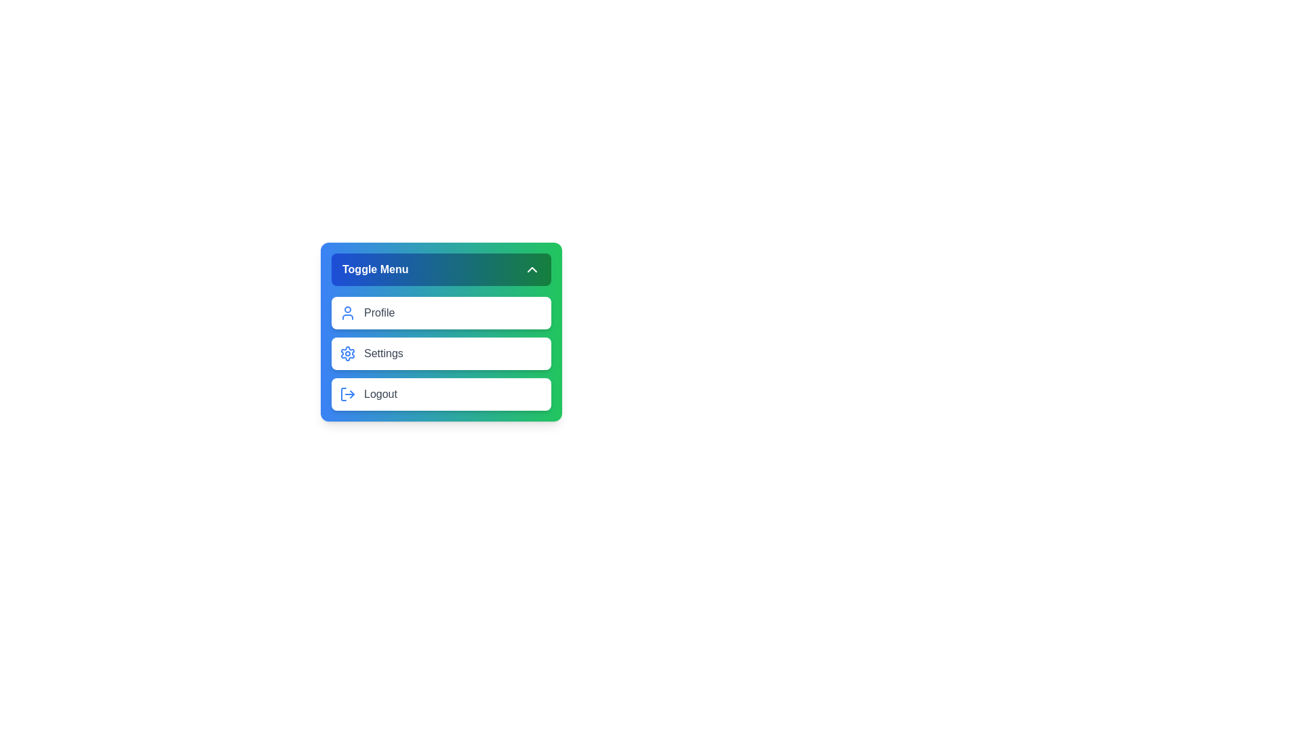 The image size is (1302, 732). What do you see at coordinates (441, 313) in the screenshot?
I see `the menu item Profile to select it` at bounding box center [441, 313].